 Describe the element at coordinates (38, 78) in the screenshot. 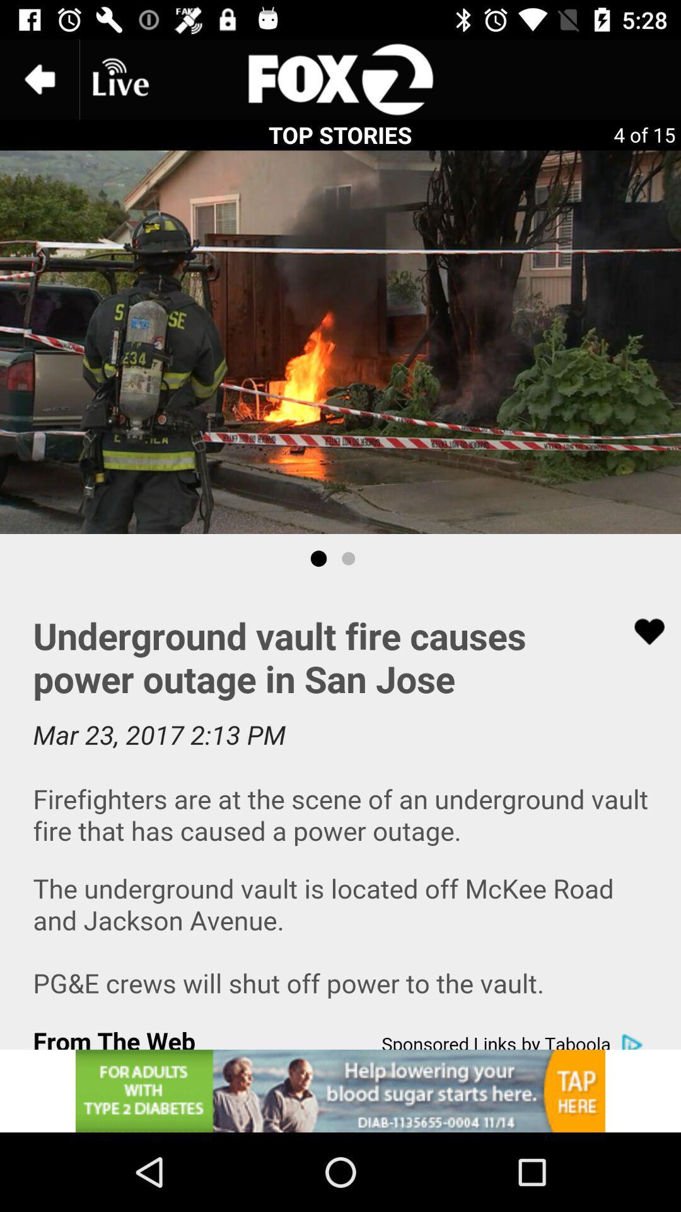

I see `back the page` at that location.